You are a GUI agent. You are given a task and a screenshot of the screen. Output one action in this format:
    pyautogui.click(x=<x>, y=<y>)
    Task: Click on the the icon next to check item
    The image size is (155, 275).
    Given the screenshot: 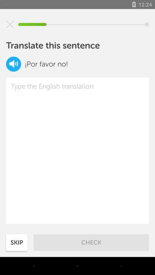 What is the action you would take?
    pyautogui.click(x=17, y=242)
    